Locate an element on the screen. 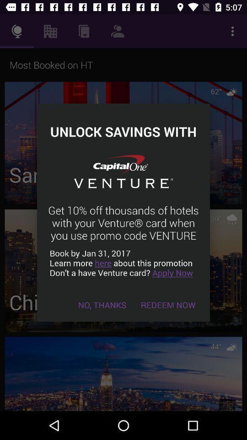 This screenshot has height=440, width=247. item at the bottom is located at coordinates (102, 305).